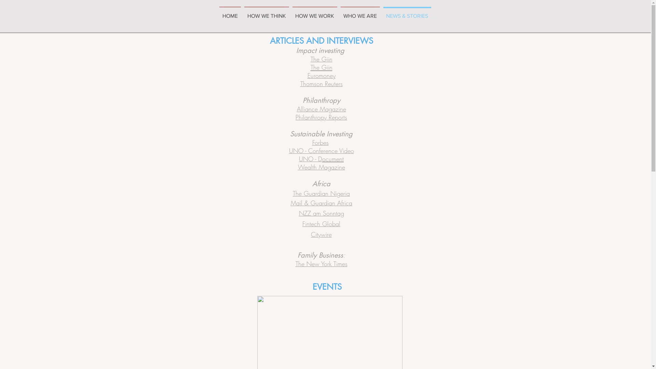  What do you see at coordinates (321, 75) in the screenshot?
I see `'Euromoney'` at bounding box center [321, 75].